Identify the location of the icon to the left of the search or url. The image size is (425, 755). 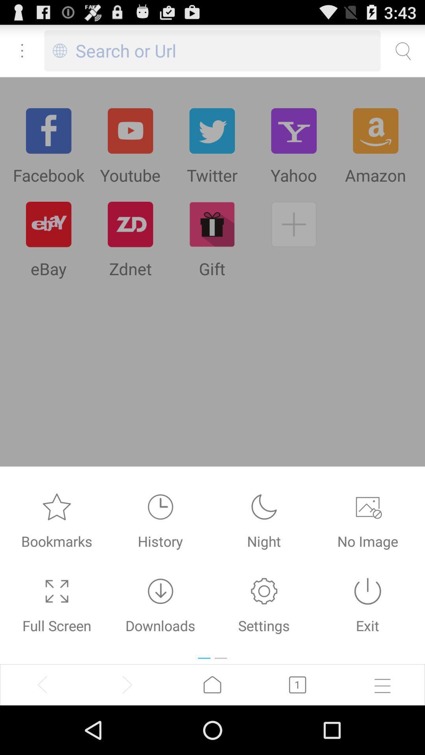
(59, 50).